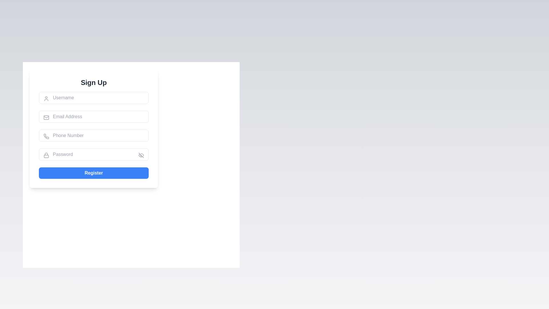 The image size is (549, 309). I want to click on the 'eye-off' icon button, which is gray and located at the top-right corner of the password input field, so click(141, 155).